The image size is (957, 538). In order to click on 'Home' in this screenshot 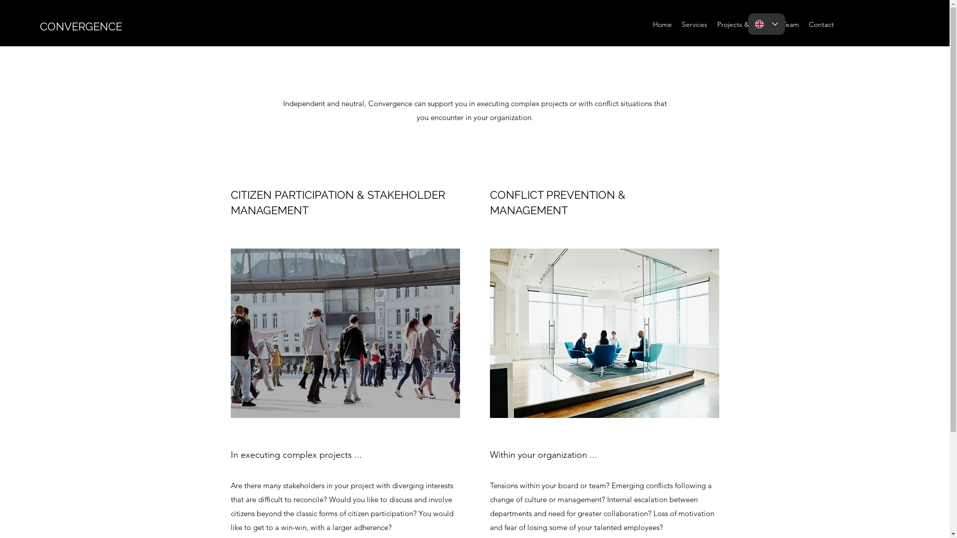, I will do `click(662, 24)`.